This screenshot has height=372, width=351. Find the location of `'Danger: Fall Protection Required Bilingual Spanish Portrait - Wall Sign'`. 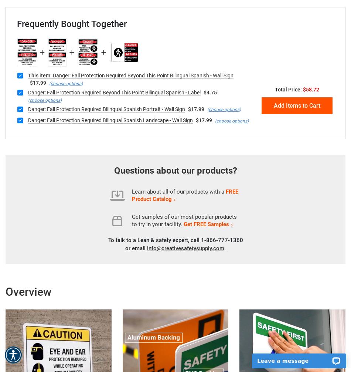

'Danger: Fall Protection Required Bilingual Spanish Portrait - Wall Sign' is located at coordinates (106, 108).